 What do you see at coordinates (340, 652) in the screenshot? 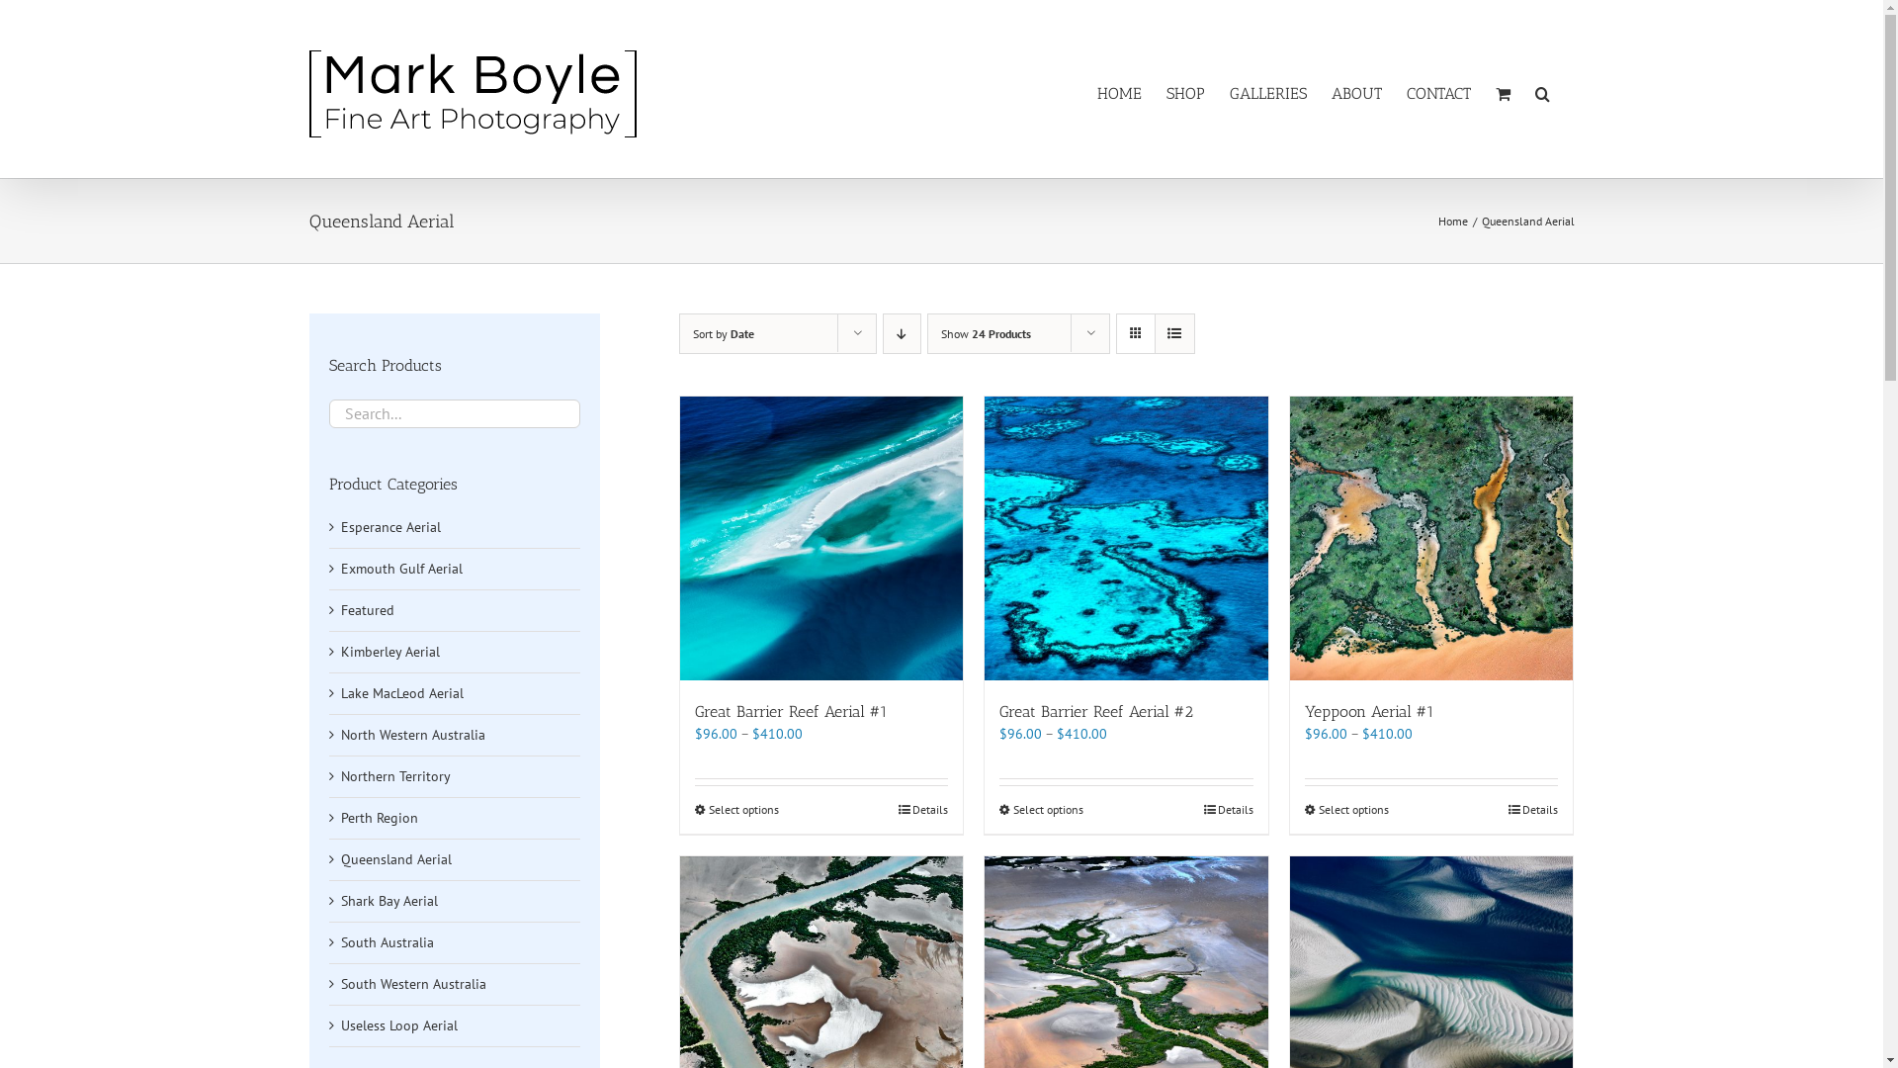
I see `'Kimberley Aerial'` at bounding box center [340, 652].